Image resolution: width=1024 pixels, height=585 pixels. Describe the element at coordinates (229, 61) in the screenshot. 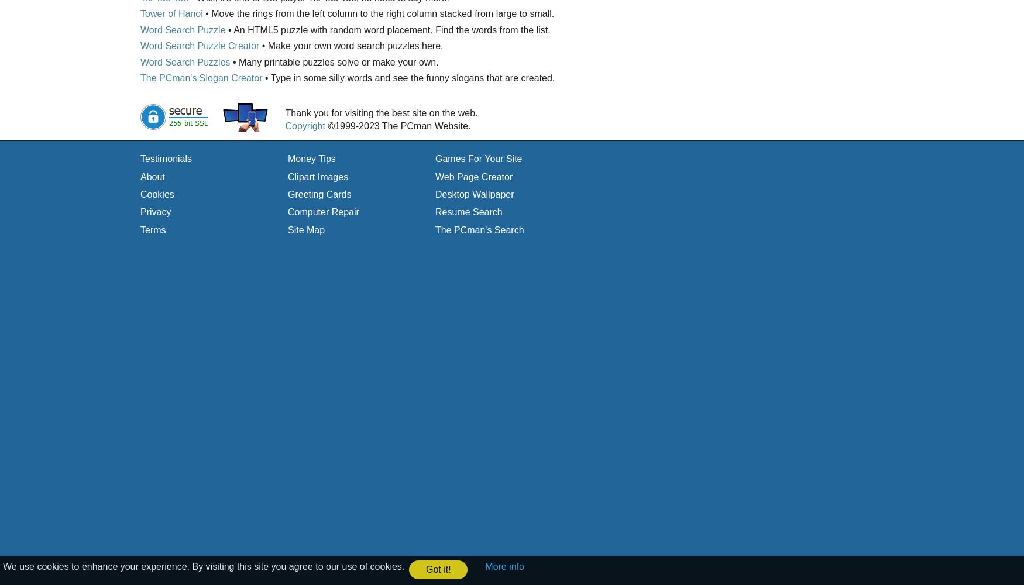

I see `'• Many printable puzzles solve or make your own.'` at that location.